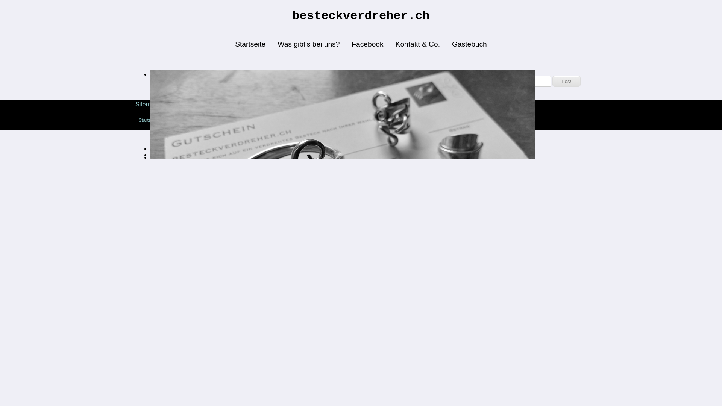 The height and width of the screenshot is (406, 722). I want to click on 'besteckverdreher.ch', so click(361, 15).